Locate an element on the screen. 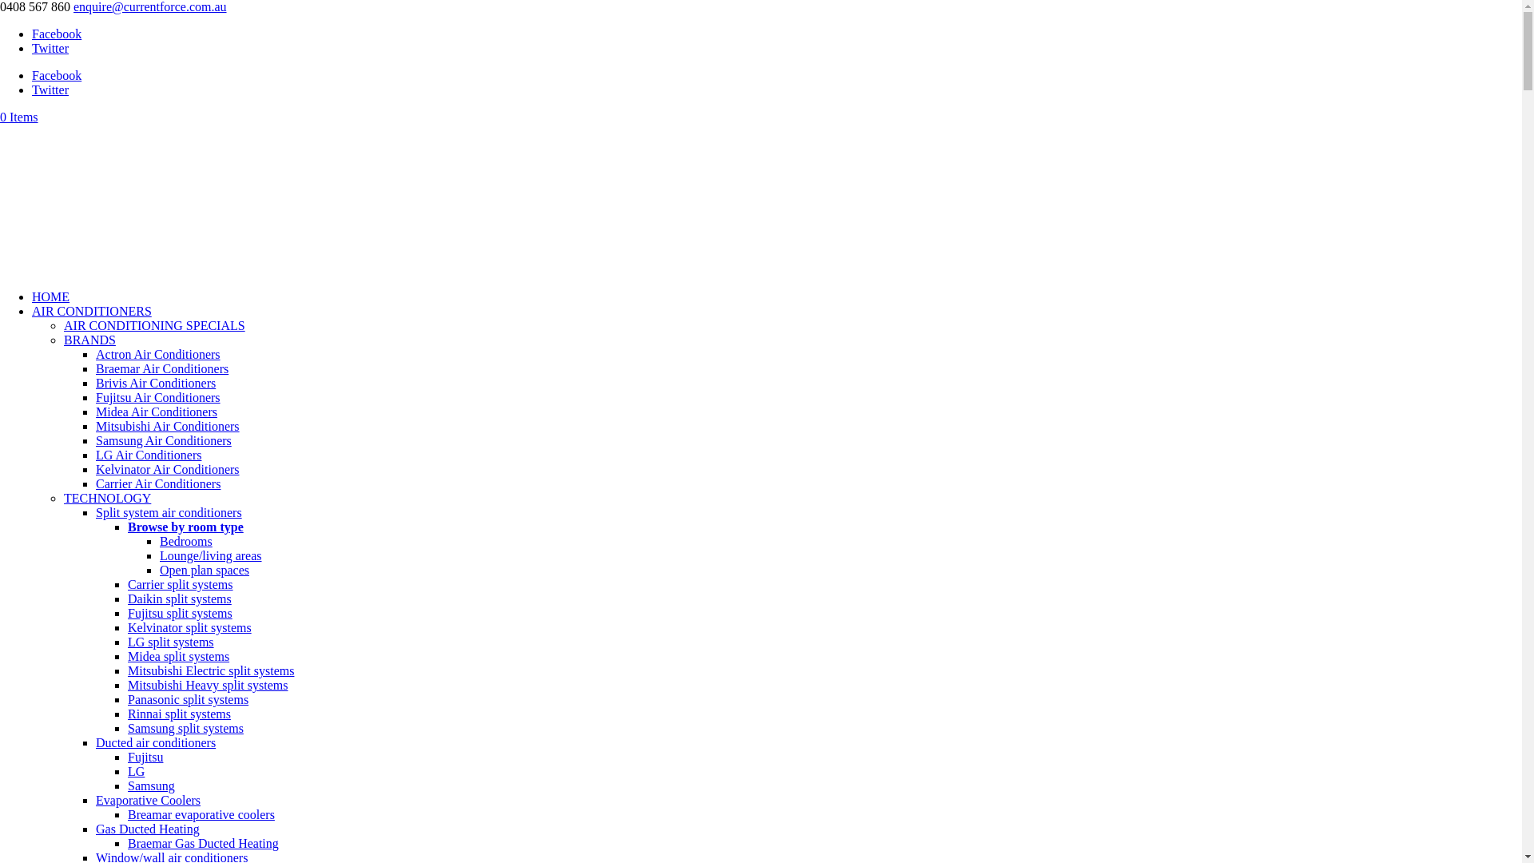 This screenshot has height=863, width=1534. 'BRANDS' is located at coordinates (64, 339).